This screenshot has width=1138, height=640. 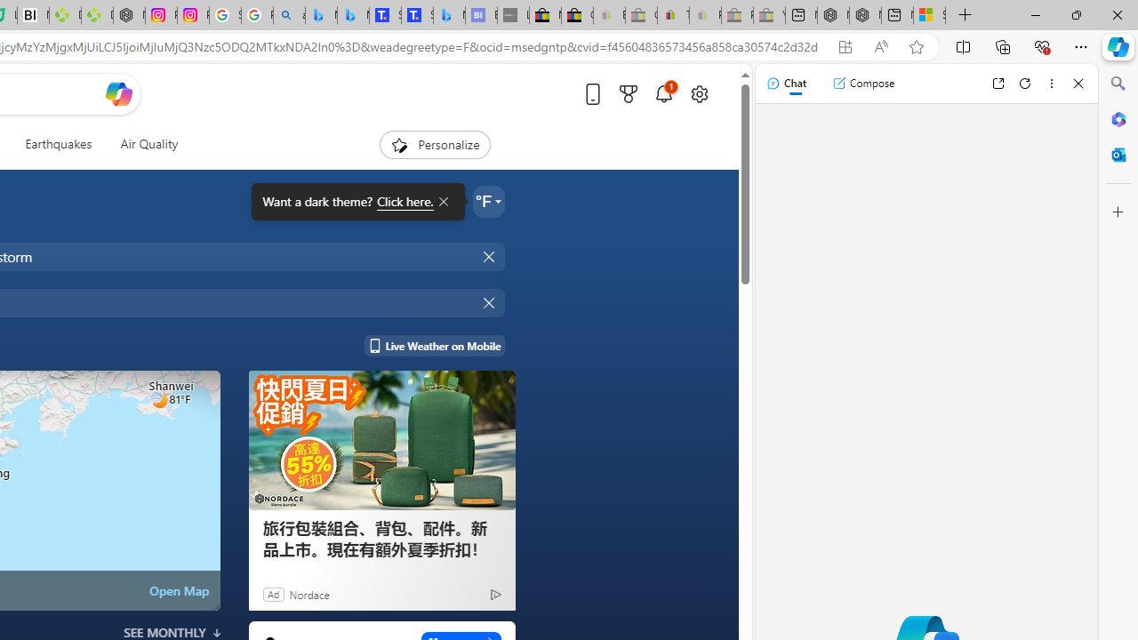 What do you see at coordinates (704, 15) in the screenshot?
I see `'Payments Terms of Use | eBay.com - Sleeping'` at bounding box center [704, 15].